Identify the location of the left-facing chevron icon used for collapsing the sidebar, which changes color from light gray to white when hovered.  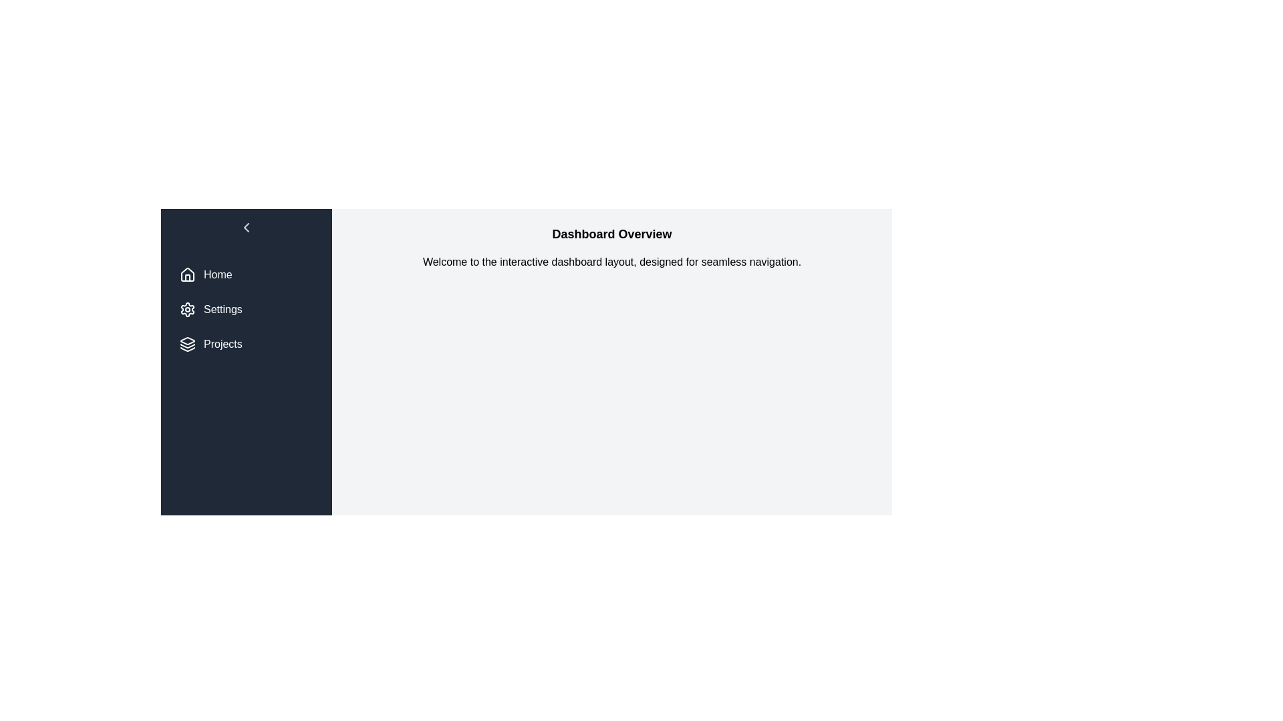
(247, 226).